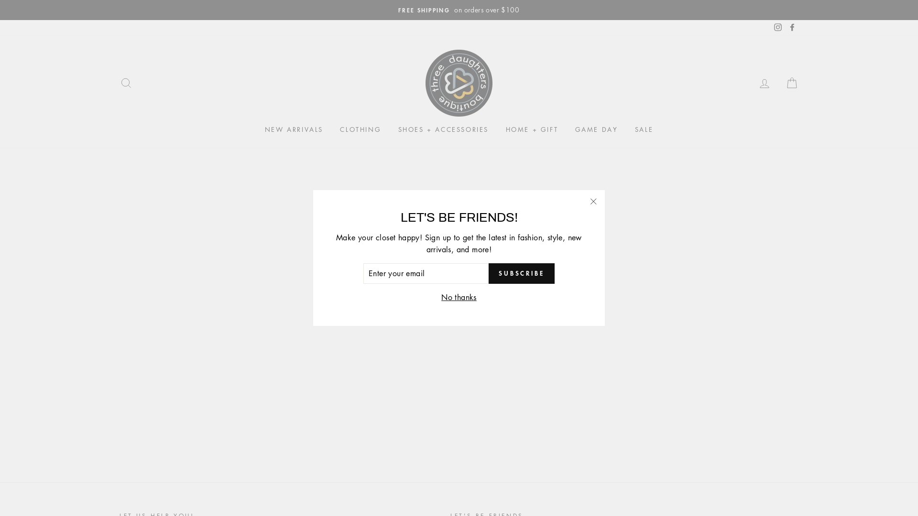 This screenshot has height=516, width=918. What do you see at coordinates (489, 274) in the screenshot?
I see `'SUBSCRIBE'` at bounding box center [489, 274].